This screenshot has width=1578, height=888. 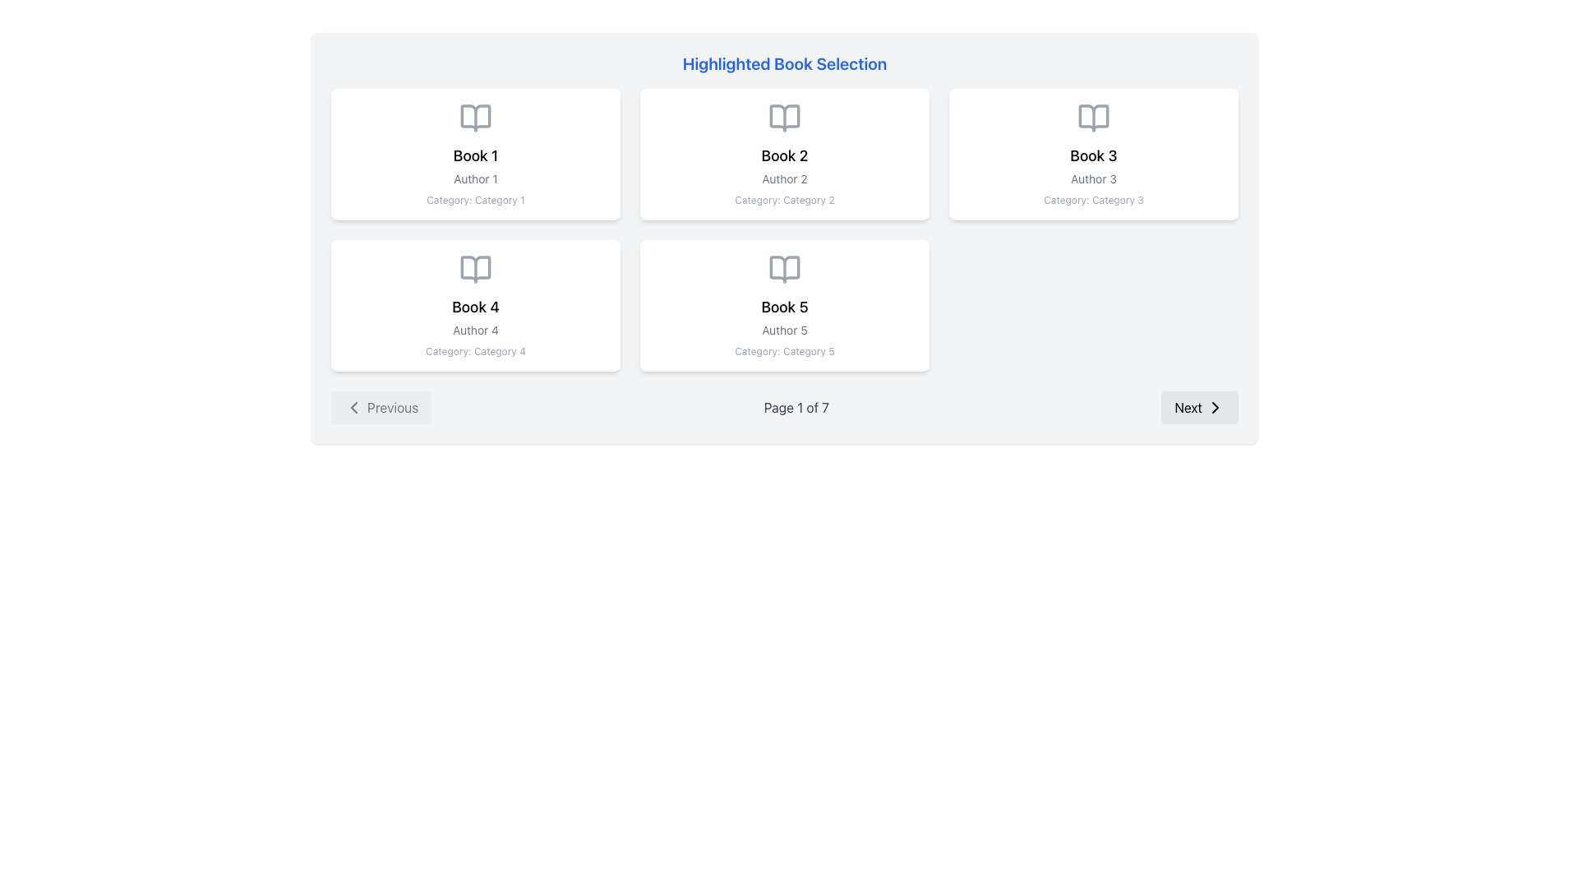 I want to click on the simplified, open book icon with a gray outline located in the 'Highlighted Book Selection' section within the card labeled 'Book 5', so click(x=784, y=268).